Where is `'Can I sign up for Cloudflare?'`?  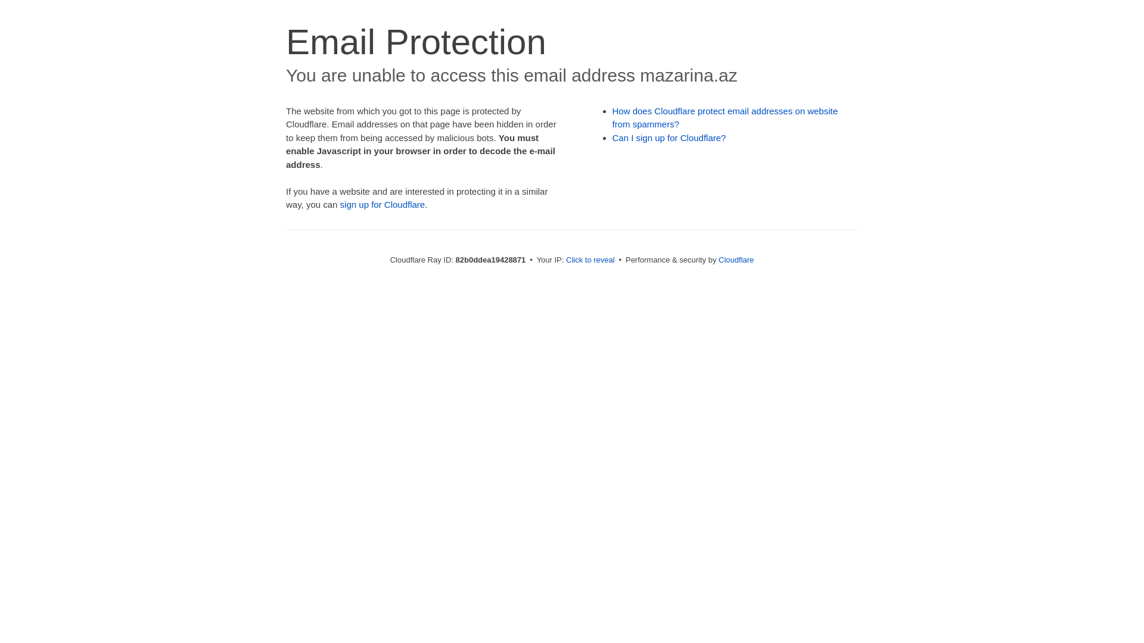 'Can I sign up for Cloudflare?' is located at coordinates (669, 137).